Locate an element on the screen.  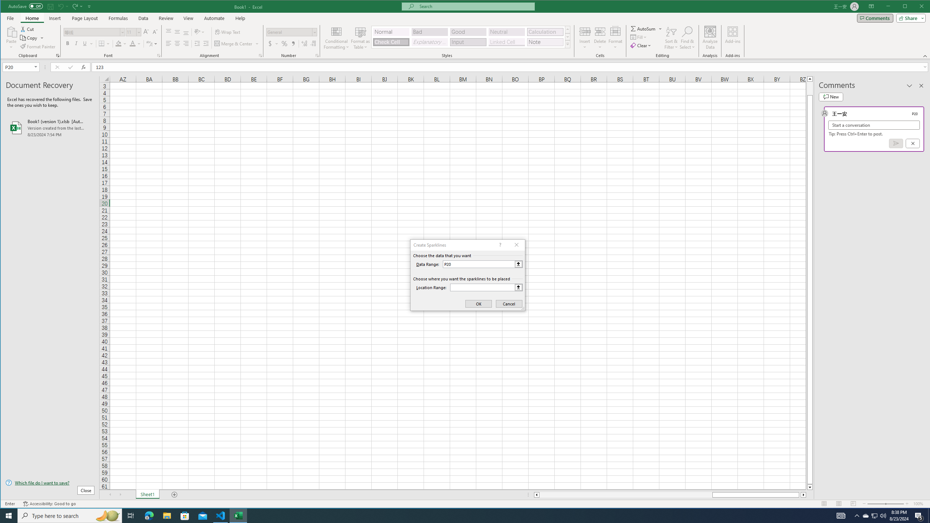
'Find & Select' is located at coordinates (687, 37).